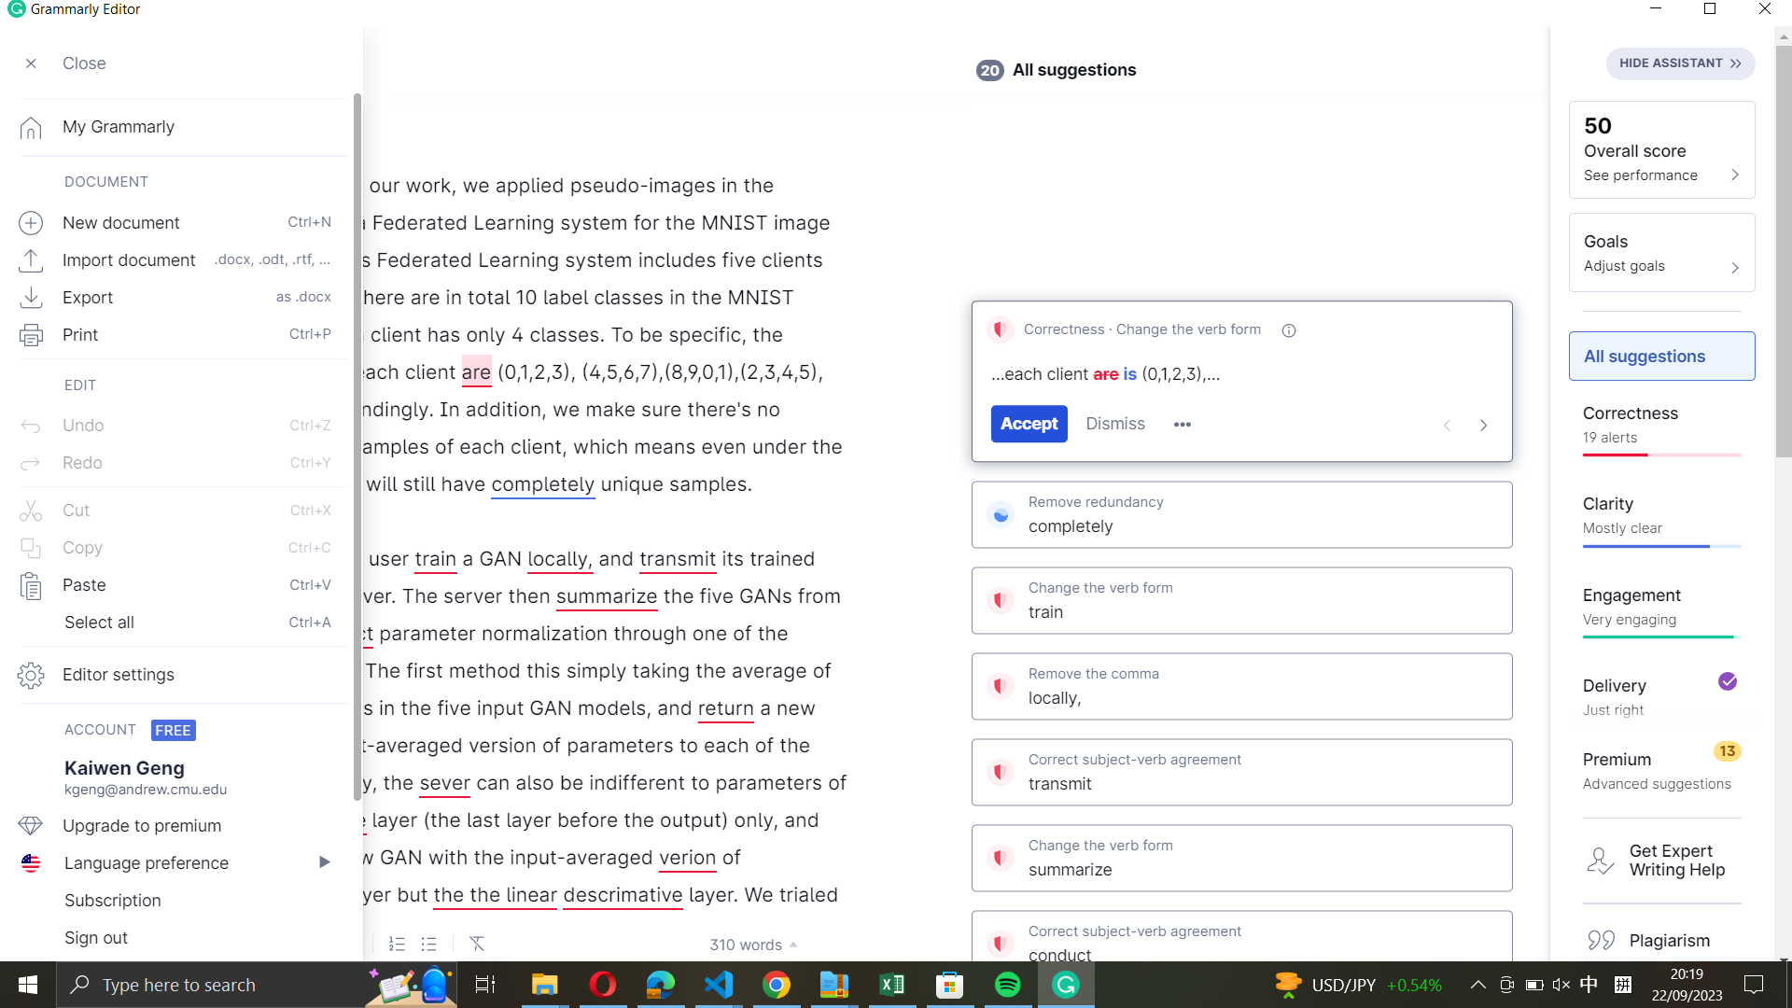 The height and width of the screenshot is (1008, 1792). What do you see at coordinates (175, 125) in the screenshot?
I see `Return back to the home` at bounding box center [175, 125].